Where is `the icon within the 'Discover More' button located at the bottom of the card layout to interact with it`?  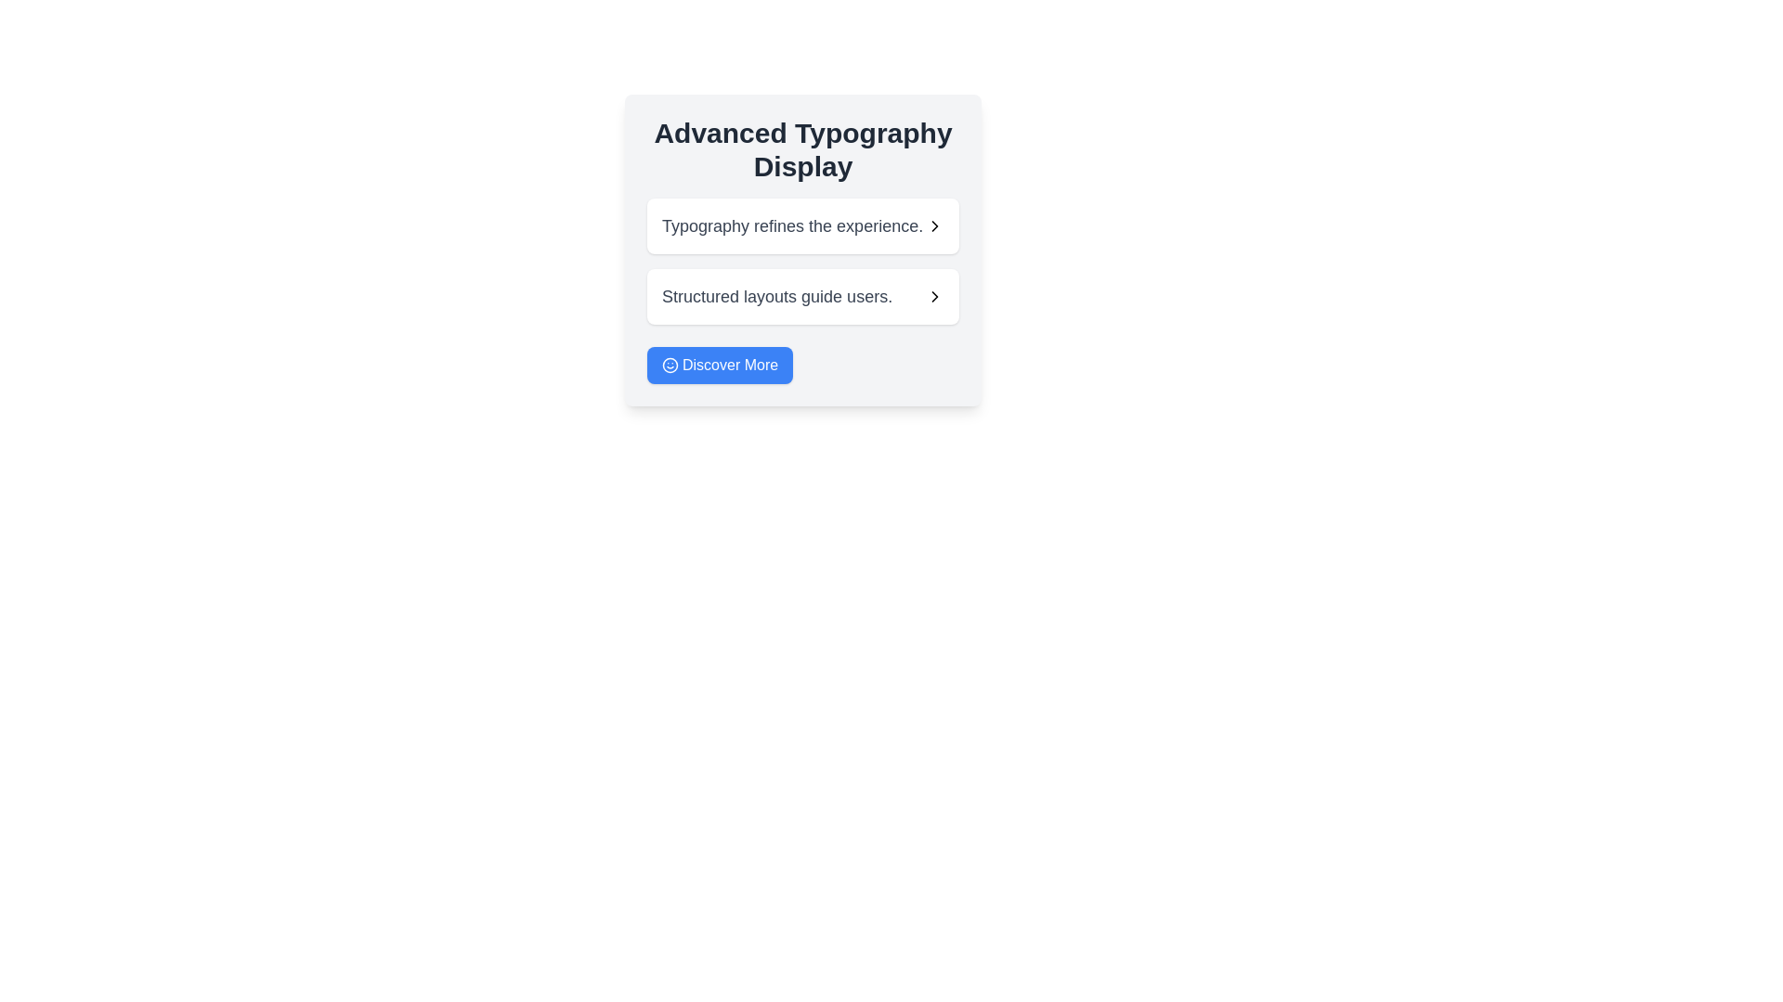 the icon within the 'Discover More' button located at the bottom of the card layout to interact with it is located at coordinates (669, 365).